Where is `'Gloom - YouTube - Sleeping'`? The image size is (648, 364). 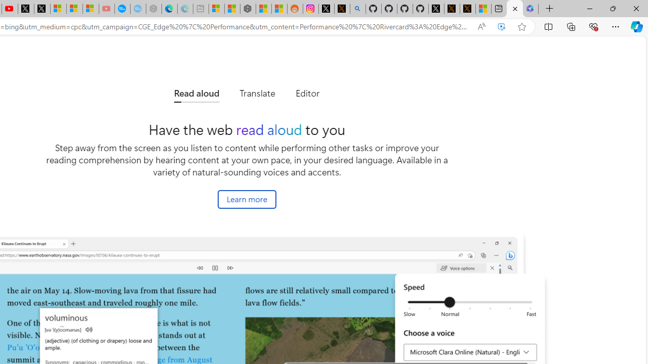 'Gloom - YouTube - Sleeping' is located at coordinates (107, 9).